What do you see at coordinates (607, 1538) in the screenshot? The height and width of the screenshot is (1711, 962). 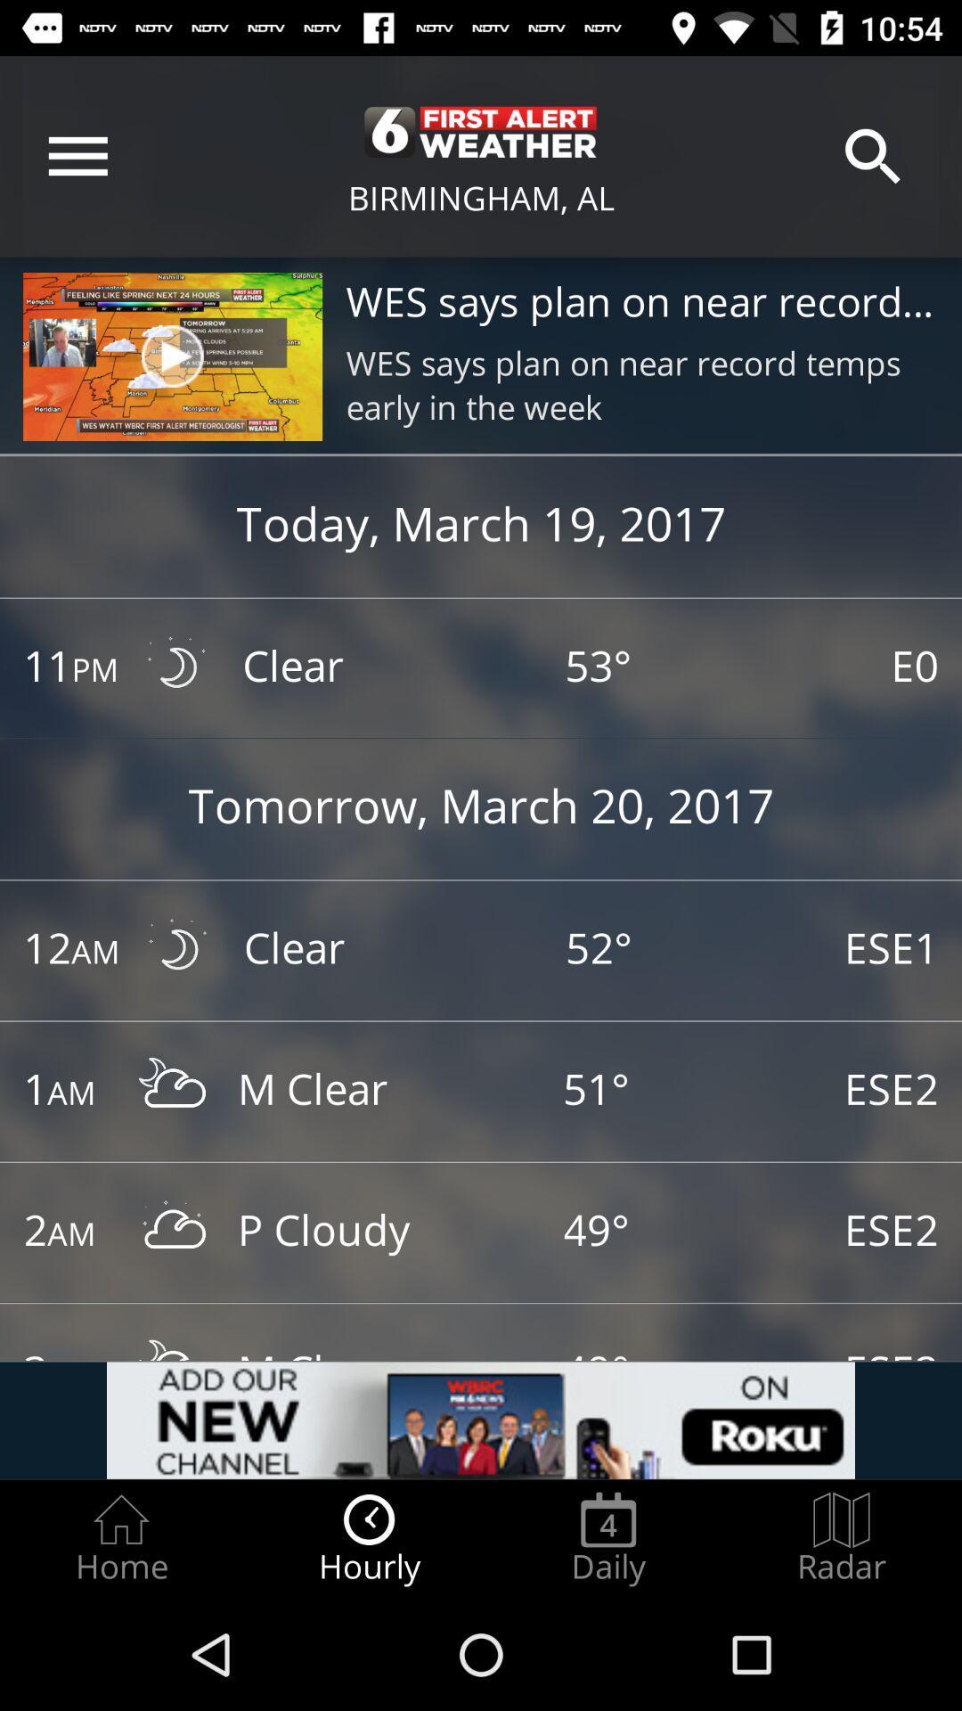 I see `icon to the left of the radar icon` at bounding box center [607, 1538].